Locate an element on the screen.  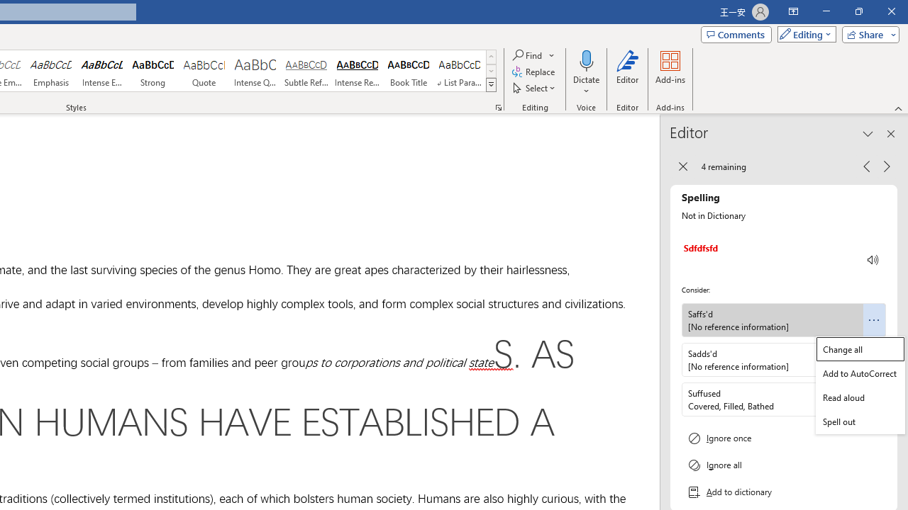
'Intense Emphasis' is located at coordinates (101, 71).